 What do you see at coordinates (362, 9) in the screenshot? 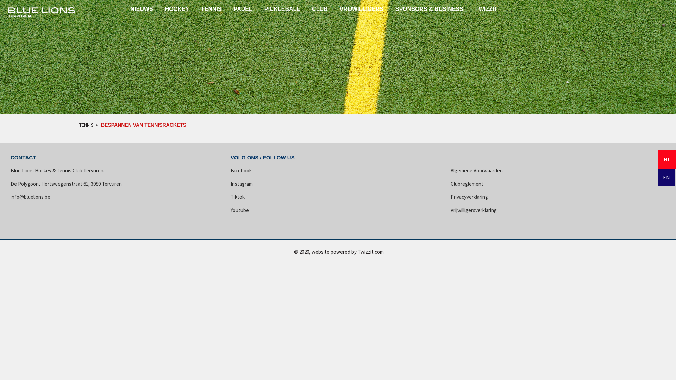
I see `'VRIJWILLIGERS'` at bounding box center [362, 9].